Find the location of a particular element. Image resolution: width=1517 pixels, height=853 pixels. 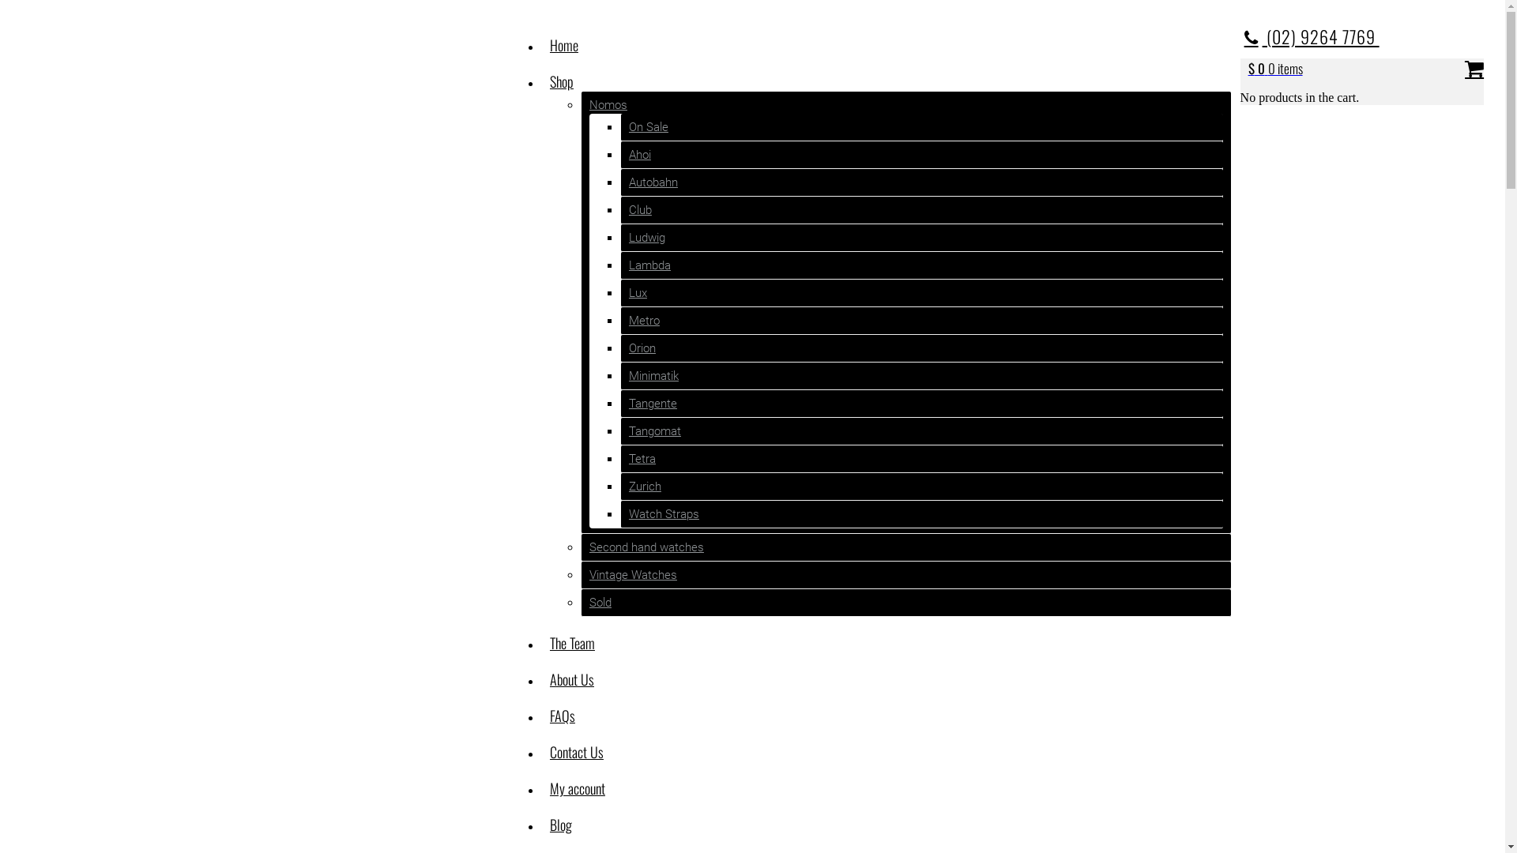

'Club' is located at coordinates (640, 209).